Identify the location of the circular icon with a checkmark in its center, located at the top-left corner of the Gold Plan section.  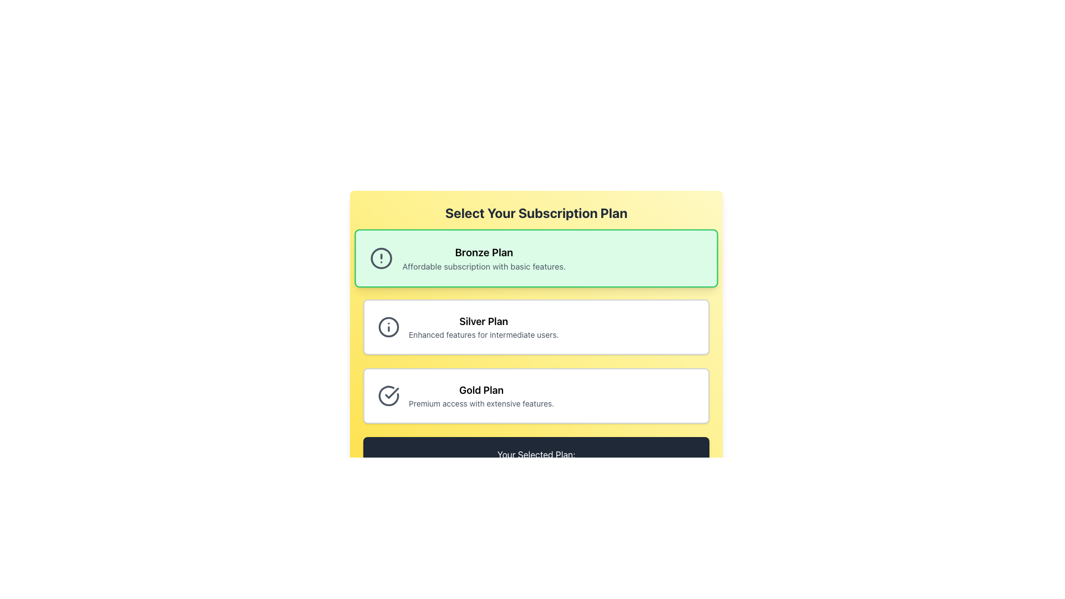
(388, 395).